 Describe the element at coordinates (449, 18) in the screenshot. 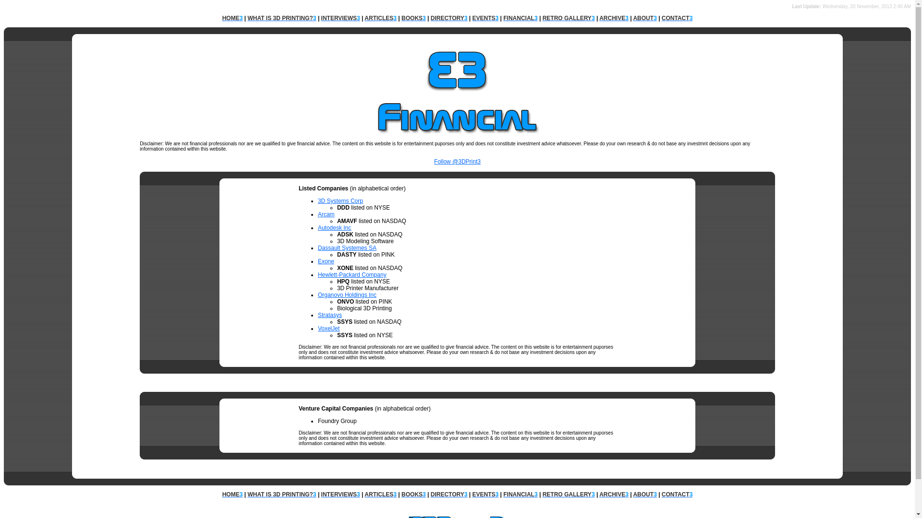

I see `'DIRECTORY3'` at that location.